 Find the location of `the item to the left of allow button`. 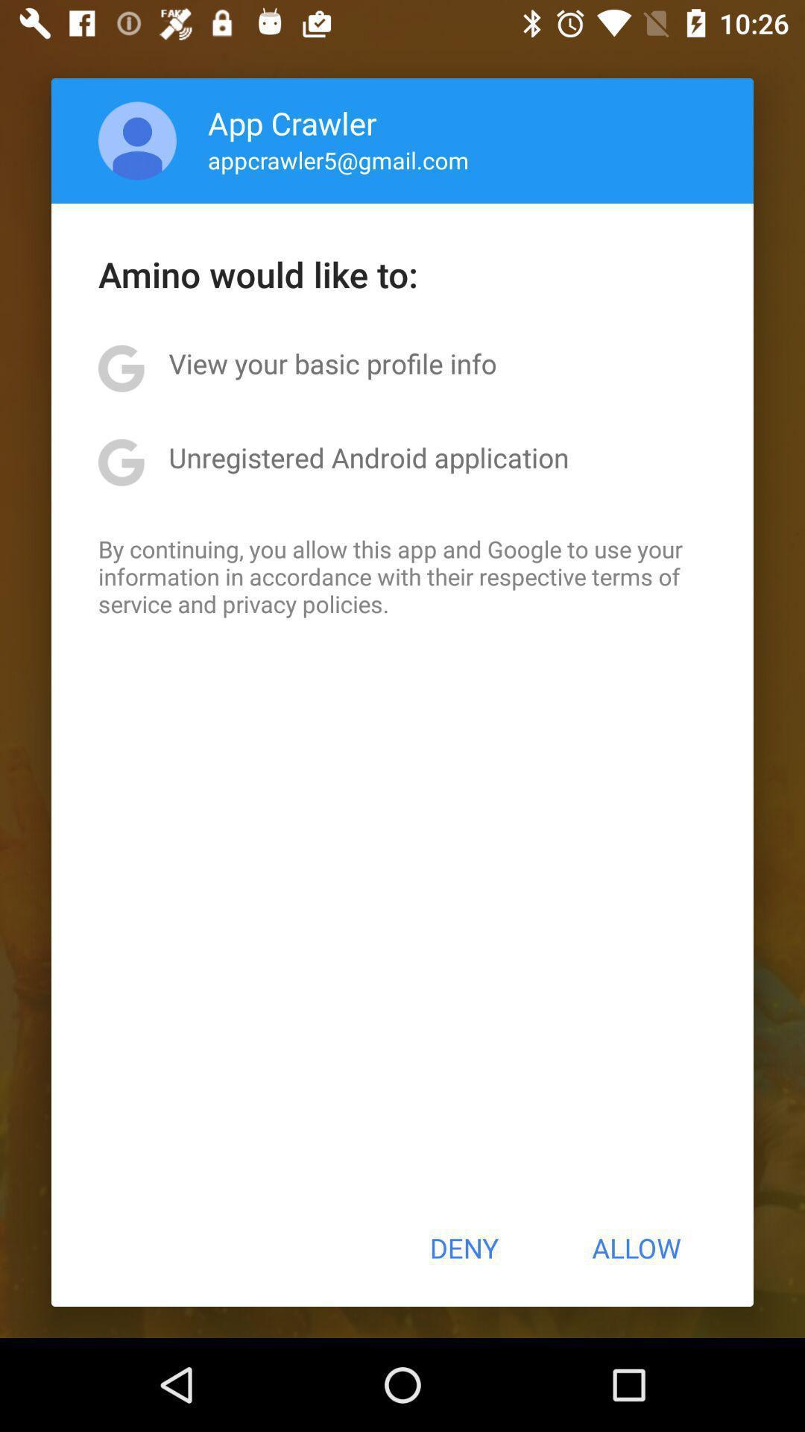

the item to the left of allow button is located at coordinates (463, 1248).